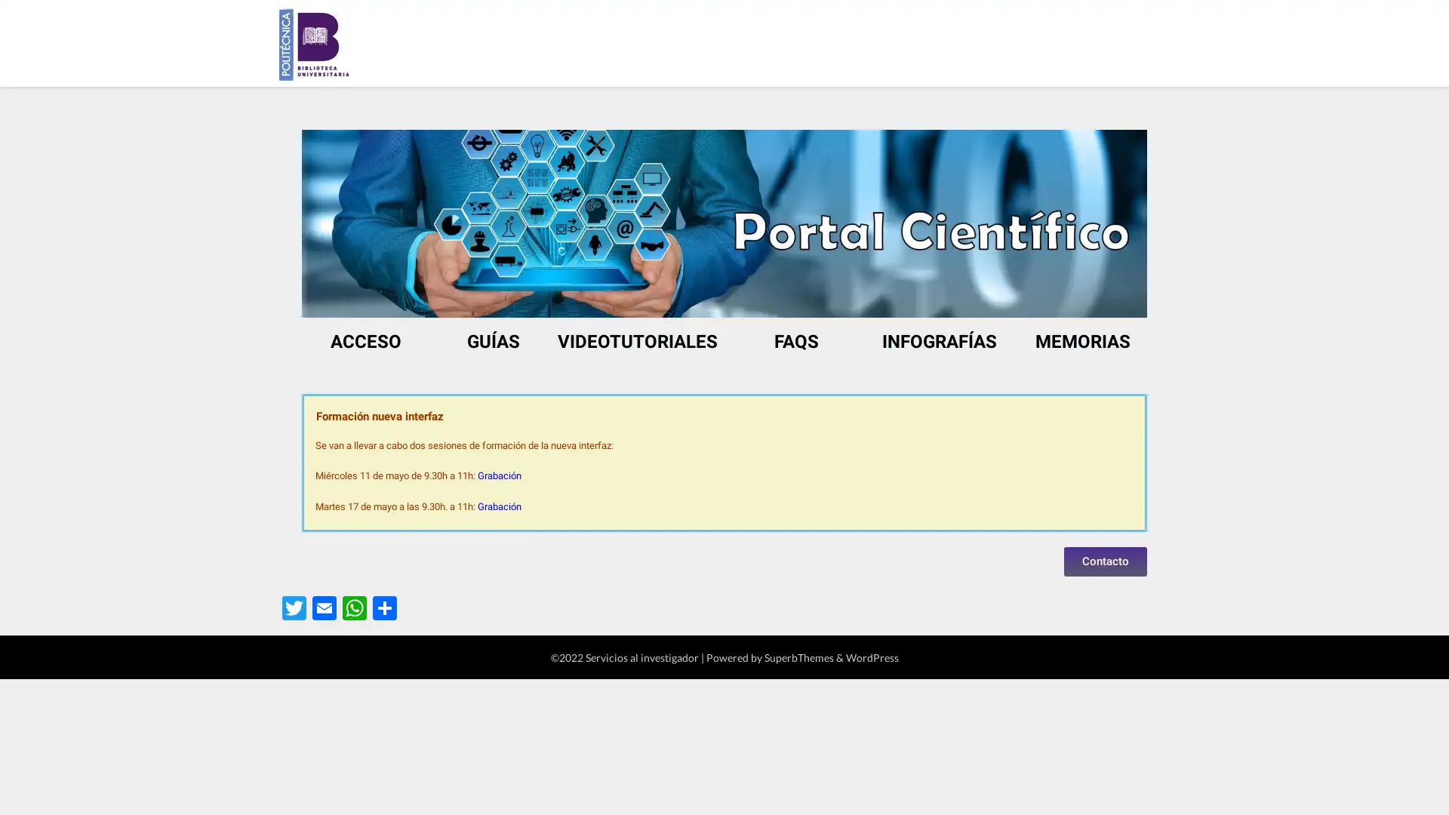 The height and width of the screenshot is (815, 1449). Describe the element at coordinates (1105, 561) in the screenshot. I see `Contacto` at that location.